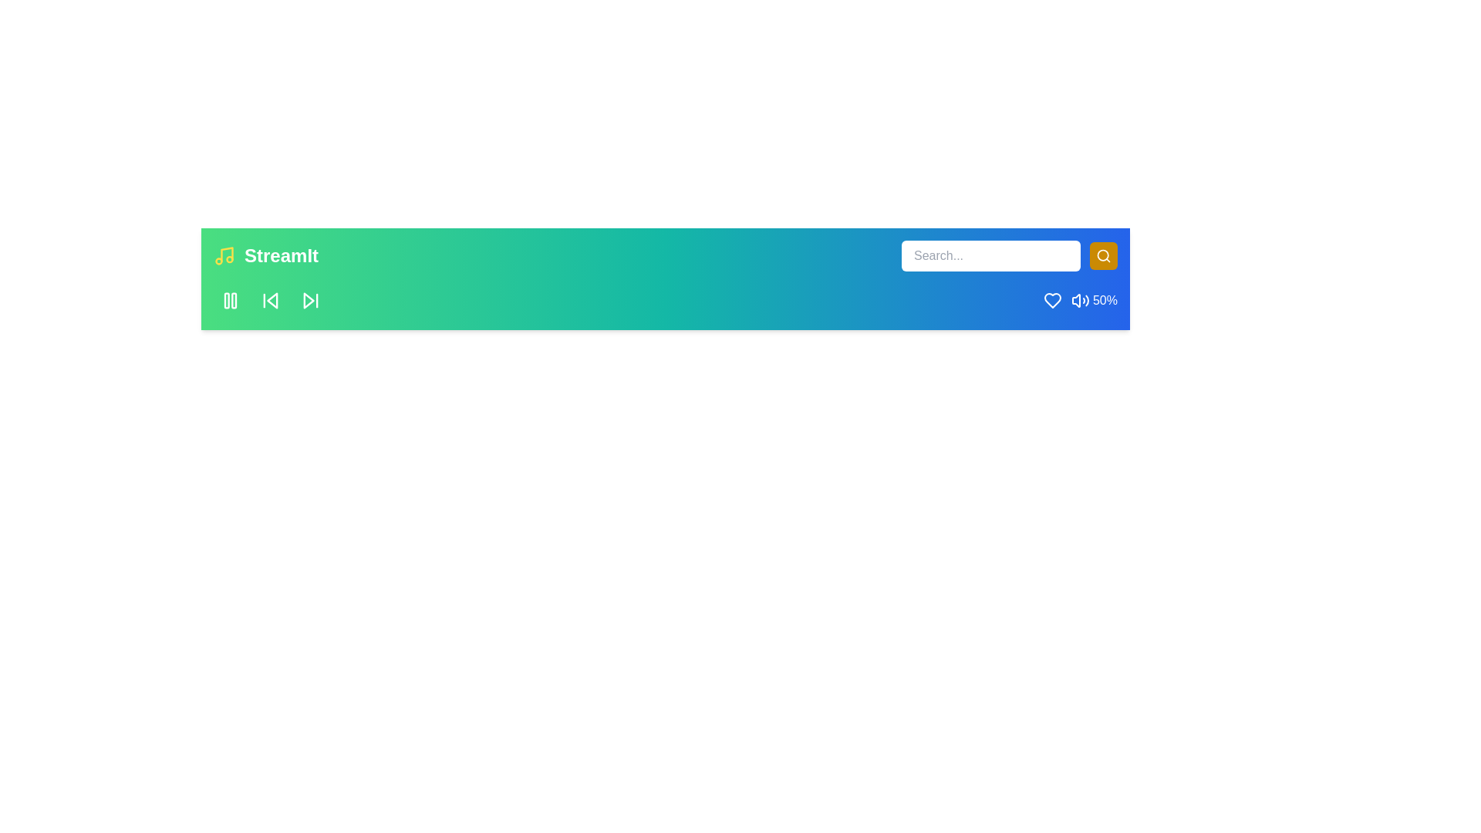 The height and width of the screenshot is (833, 1481). I want to click on the heart icon to like the current song, so click(1051, 300).